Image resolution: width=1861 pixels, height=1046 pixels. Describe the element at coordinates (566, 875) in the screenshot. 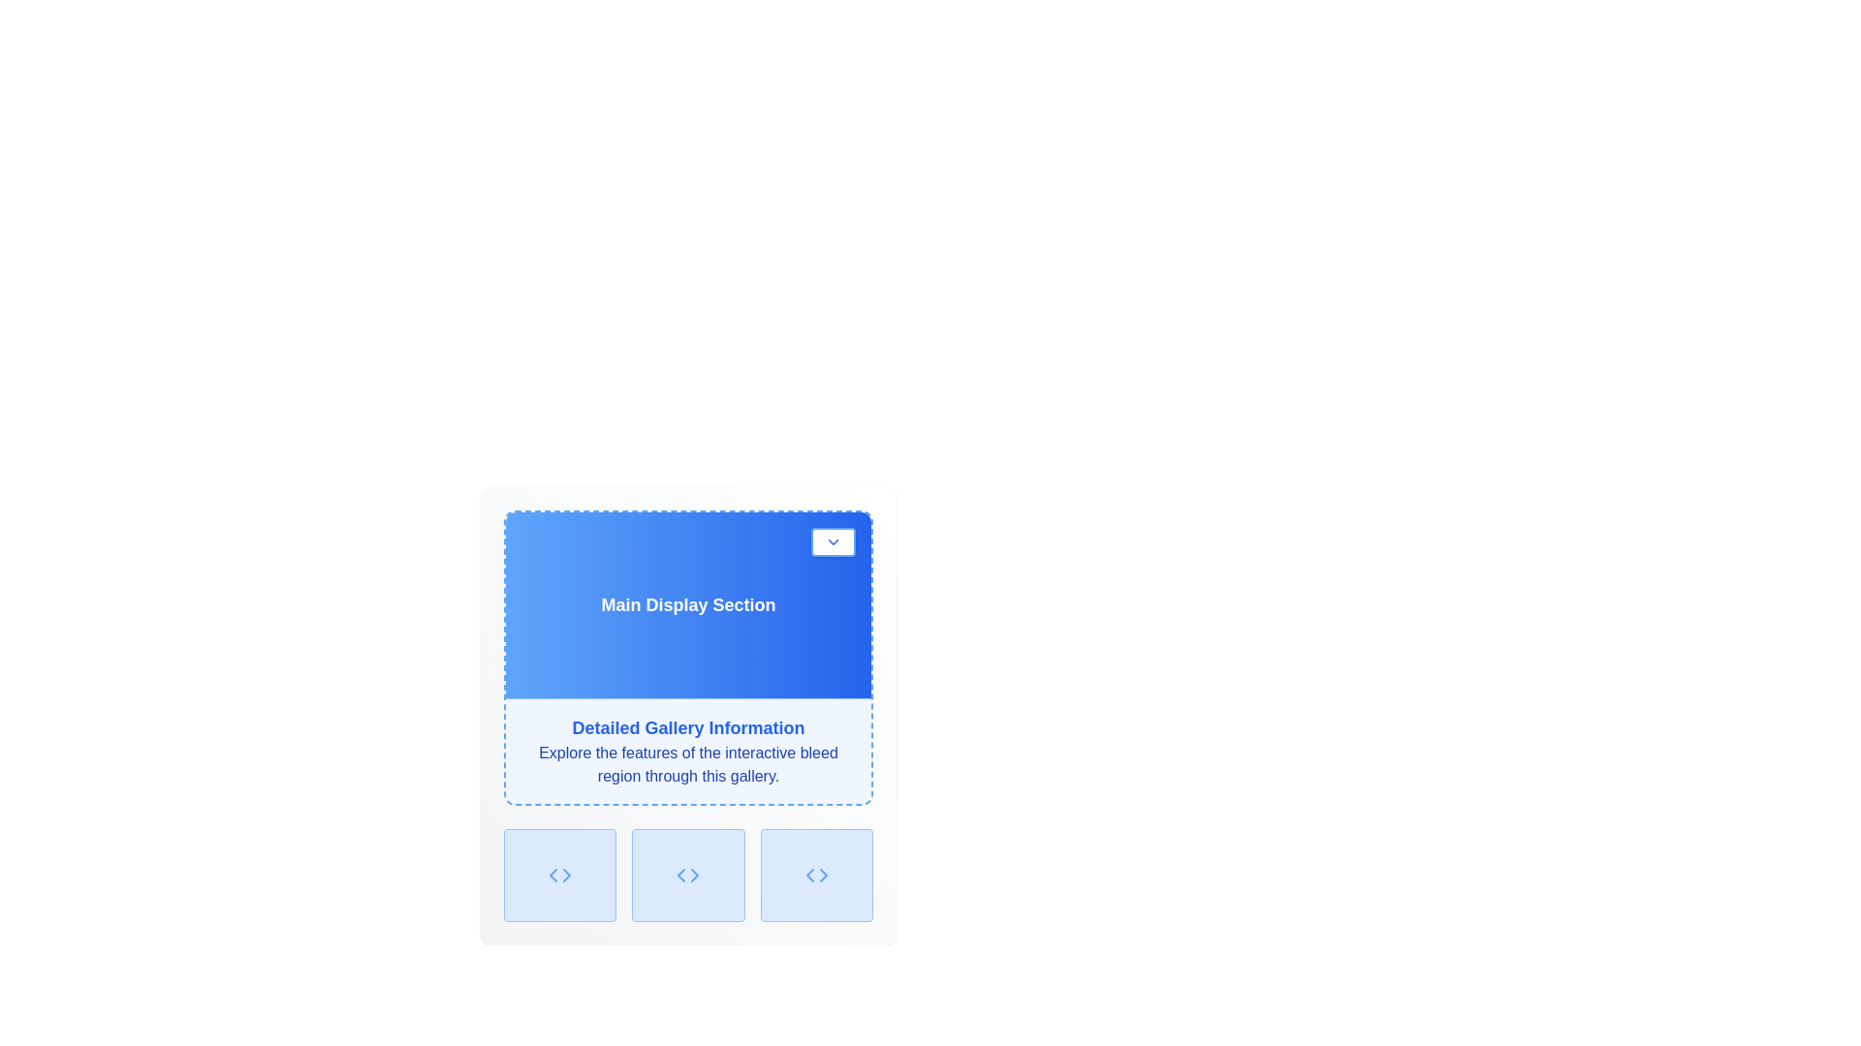

I see `the rightward triangular icon within the chevron-shaped icon located at the bottom left beneath the 'Detailed Gallery Information' section to facilitate navigation` at that location.